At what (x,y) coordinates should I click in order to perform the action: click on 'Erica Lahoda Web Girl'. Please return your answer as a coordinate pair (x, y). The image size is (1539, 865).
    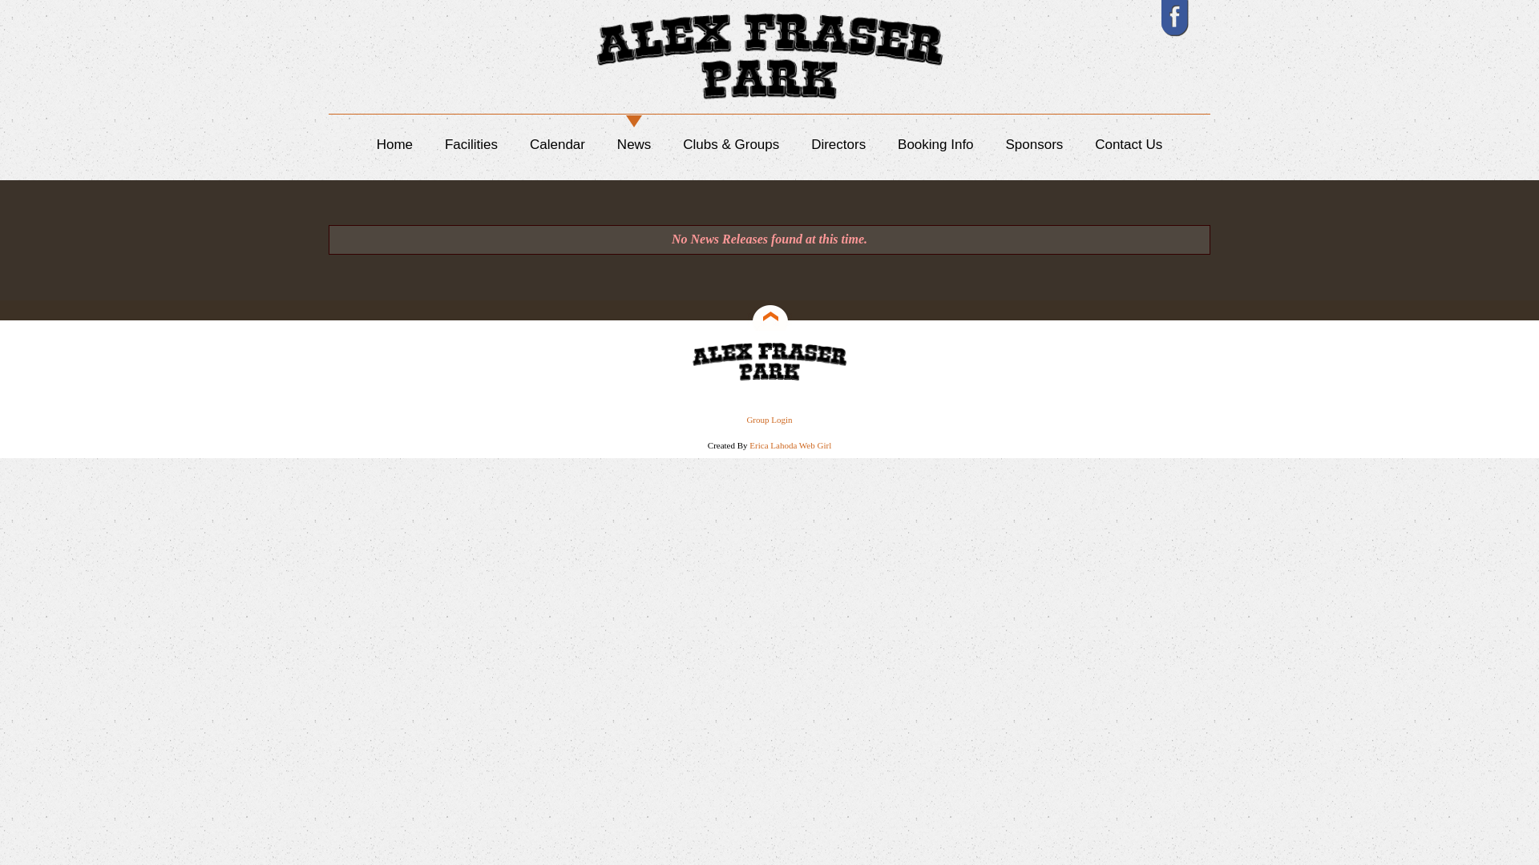
    Looking at the image, I should click on (790, 445).